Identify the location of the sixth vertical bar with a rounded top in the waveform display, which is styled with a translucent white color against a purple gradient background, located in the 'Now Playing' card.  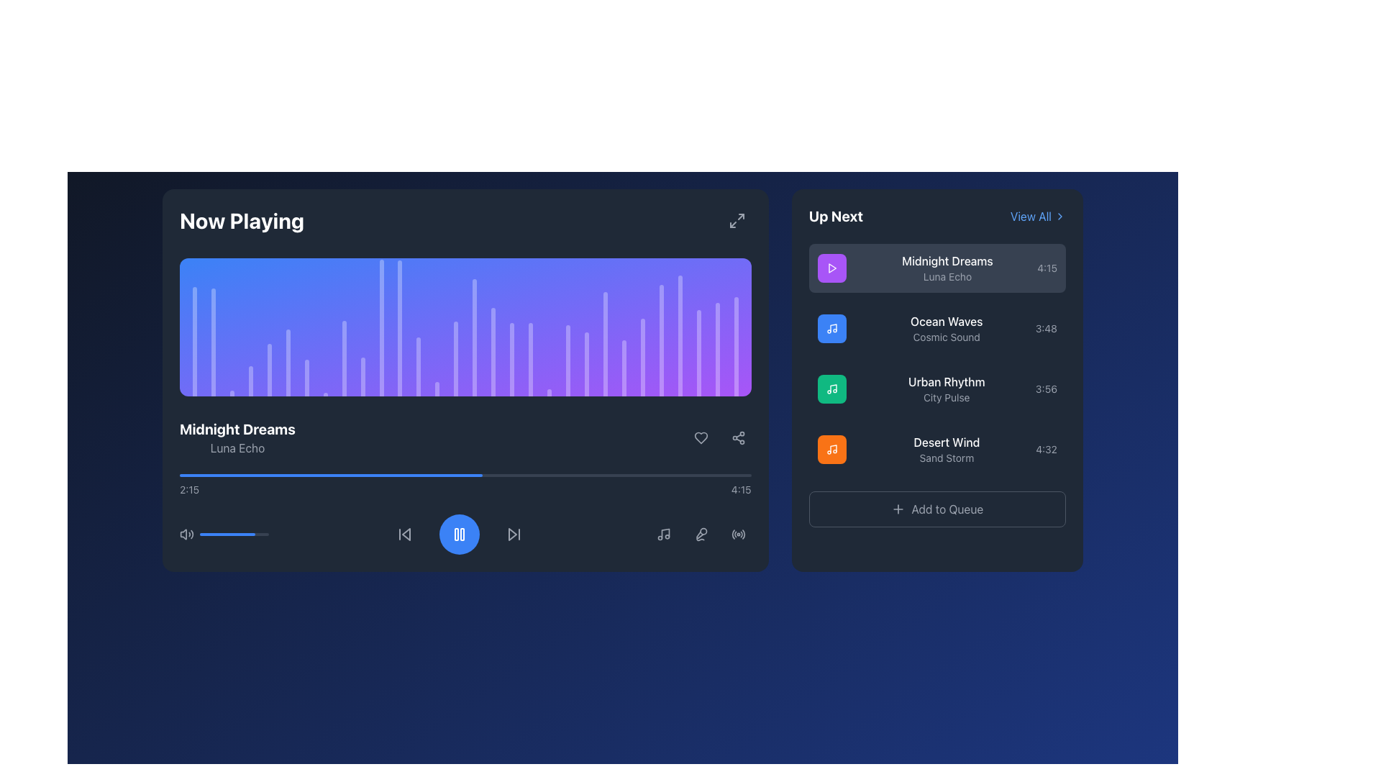
(288, 362).